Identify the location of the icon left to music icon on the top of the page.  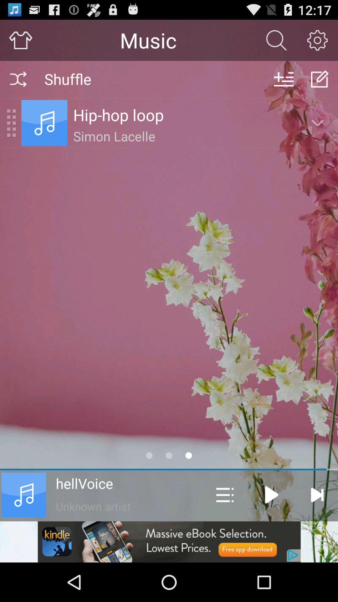
(11, 123).